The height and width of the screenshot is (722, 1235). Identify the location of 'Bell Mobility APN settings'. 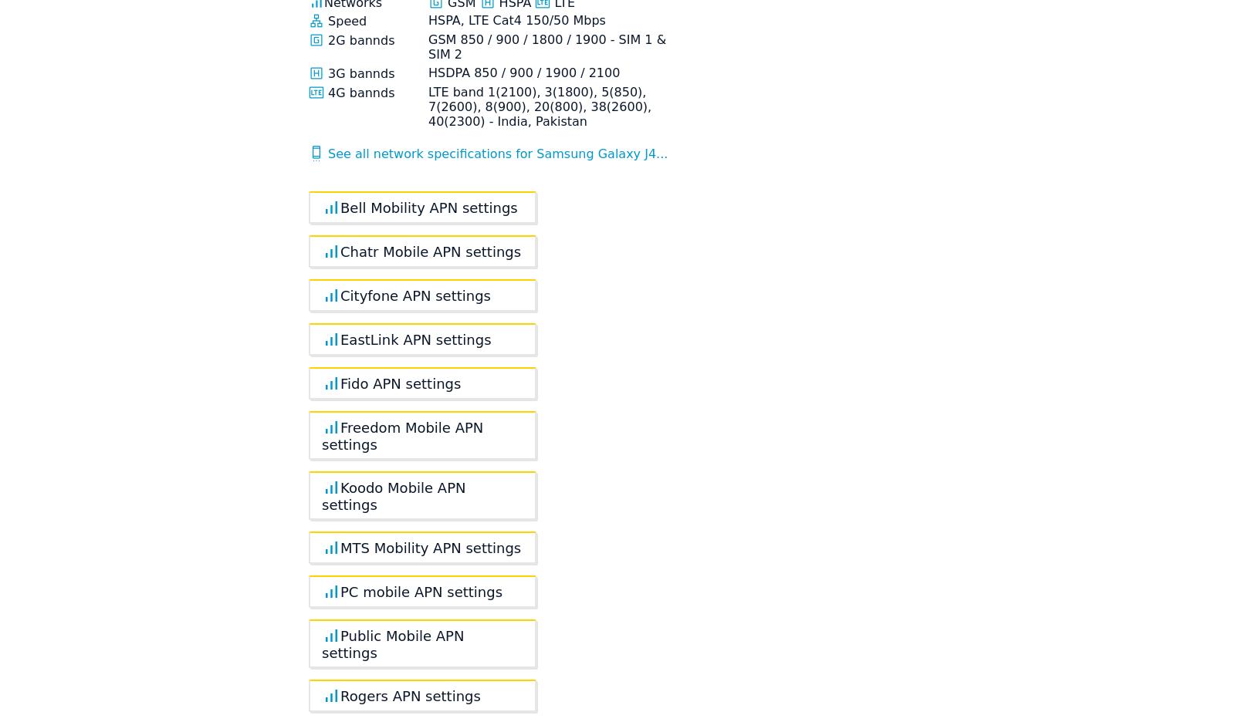
(428, 207).